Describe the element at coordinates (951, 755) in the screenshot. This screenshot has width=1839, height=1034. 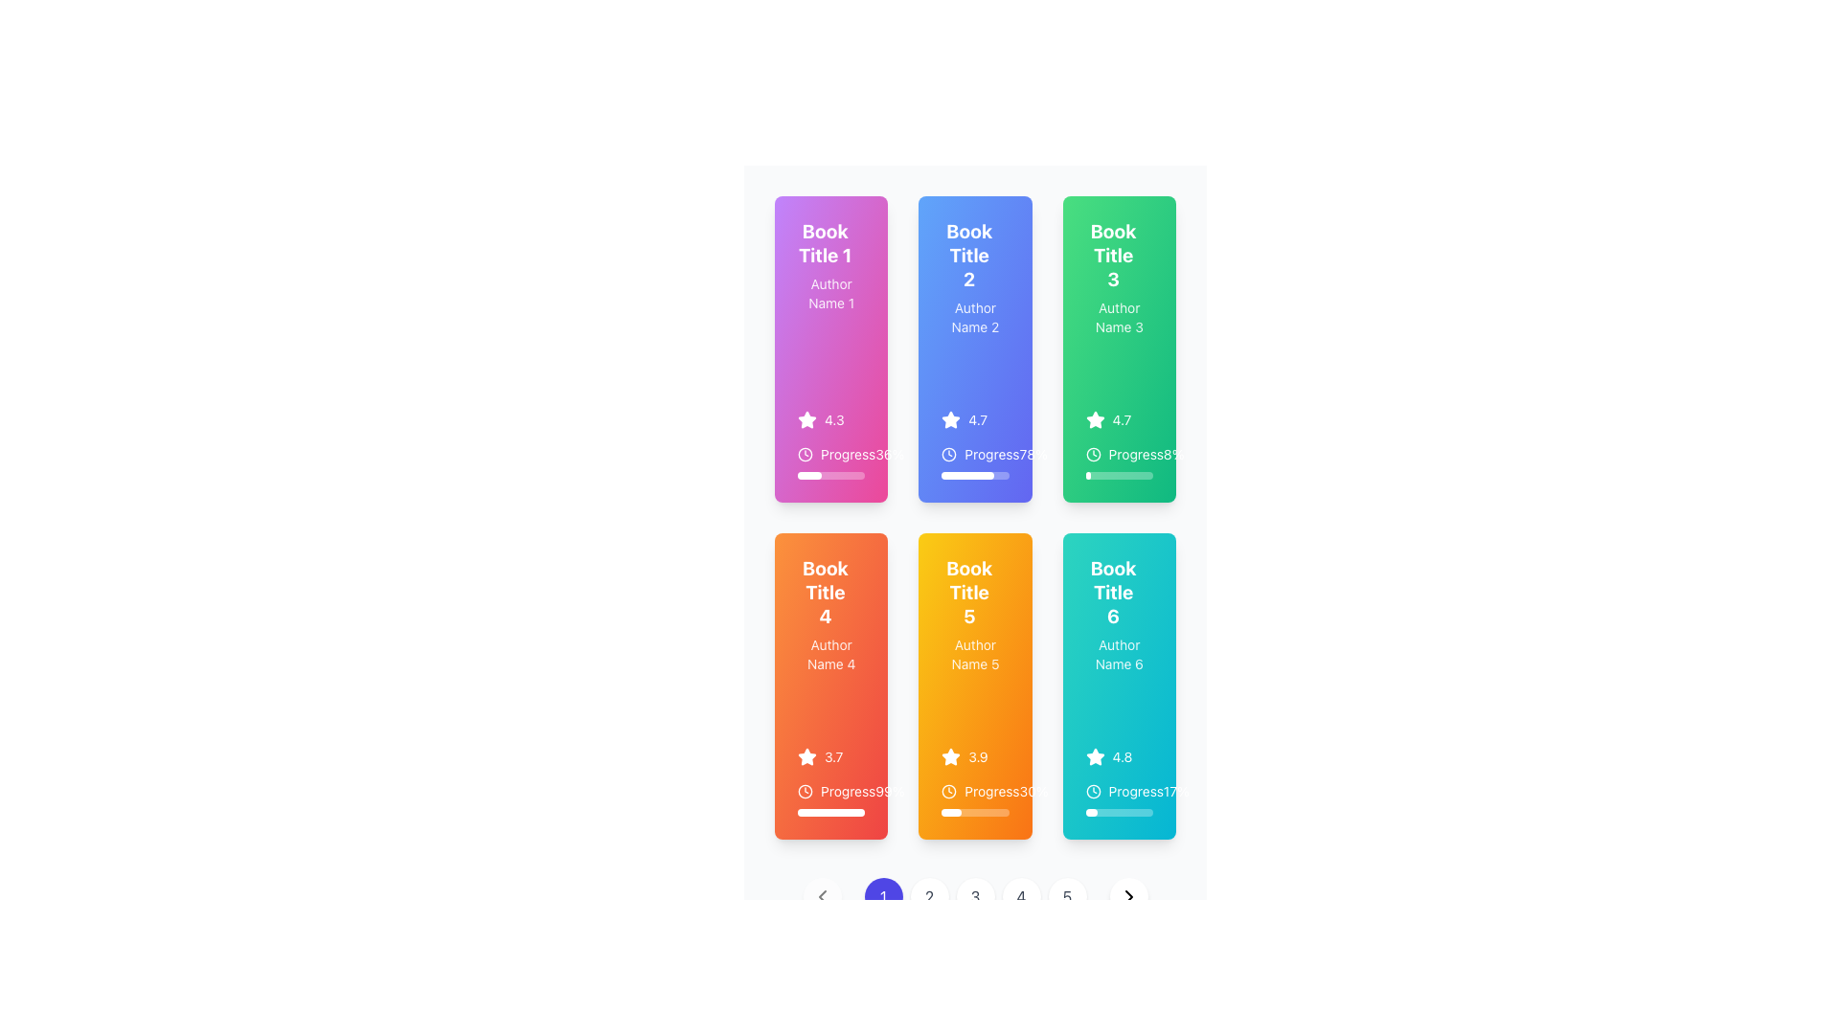
I see `the white star icon located within the orange card labeled 'Book Title 5', positioned to the left of the rating text '3.9'` at that location.